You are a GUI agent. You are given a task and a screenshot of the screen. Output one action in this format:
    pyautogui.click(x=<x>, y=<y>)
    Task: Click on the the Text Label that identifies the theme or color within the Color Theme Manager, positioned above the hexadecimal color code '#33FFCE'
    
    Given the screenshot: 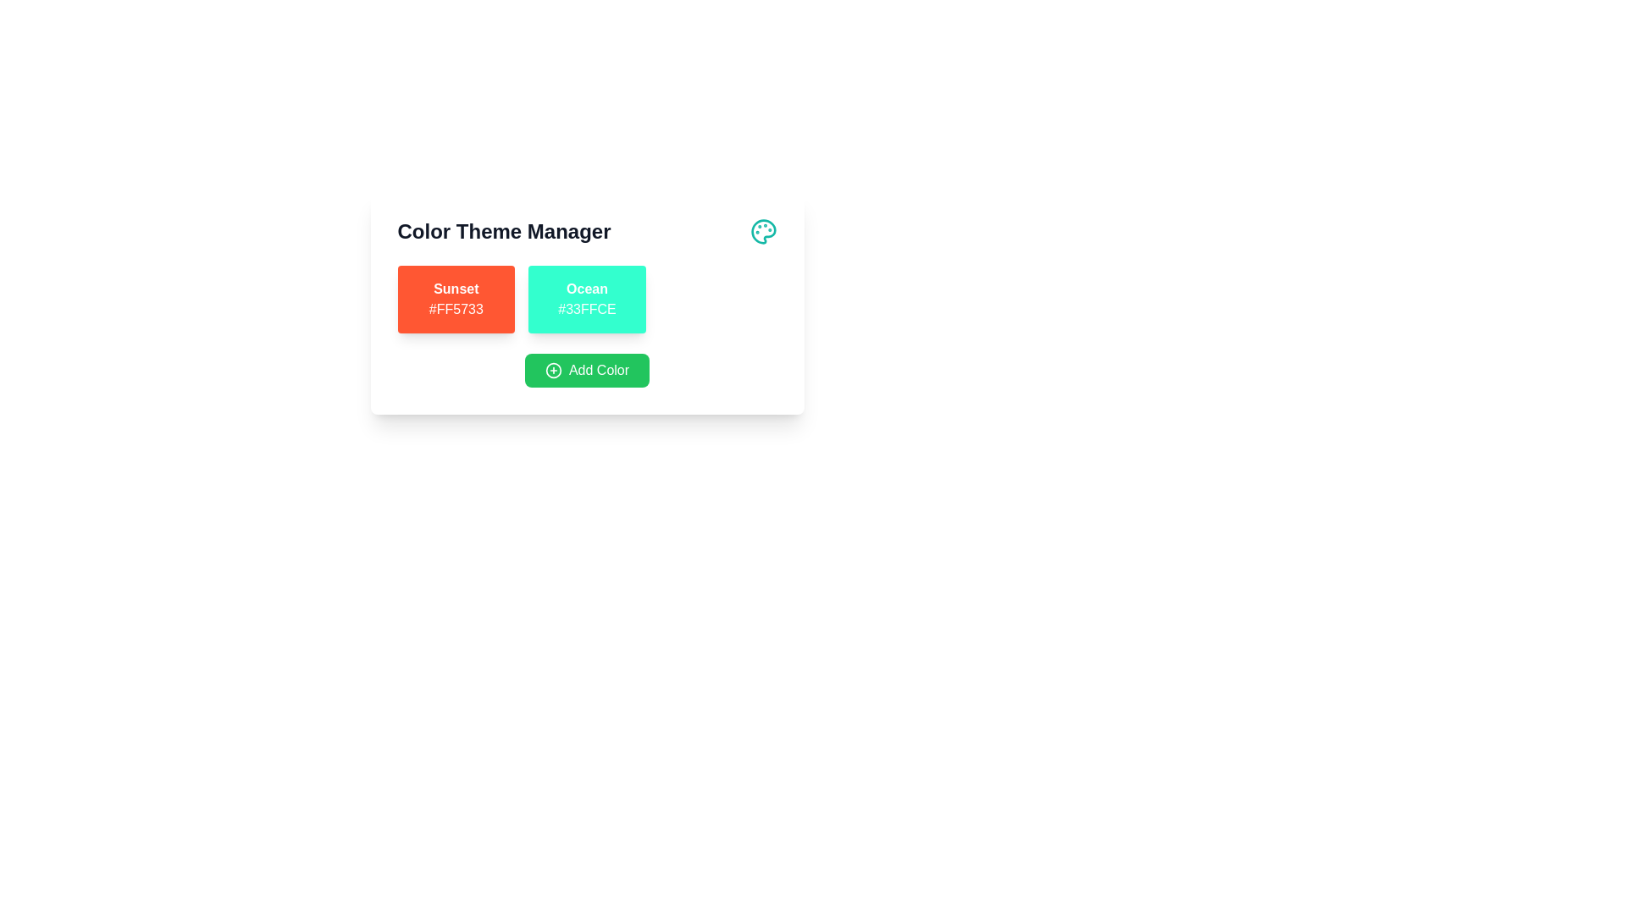 What is the action you would take?
    pyautogui.click(x=587, y=289)
    